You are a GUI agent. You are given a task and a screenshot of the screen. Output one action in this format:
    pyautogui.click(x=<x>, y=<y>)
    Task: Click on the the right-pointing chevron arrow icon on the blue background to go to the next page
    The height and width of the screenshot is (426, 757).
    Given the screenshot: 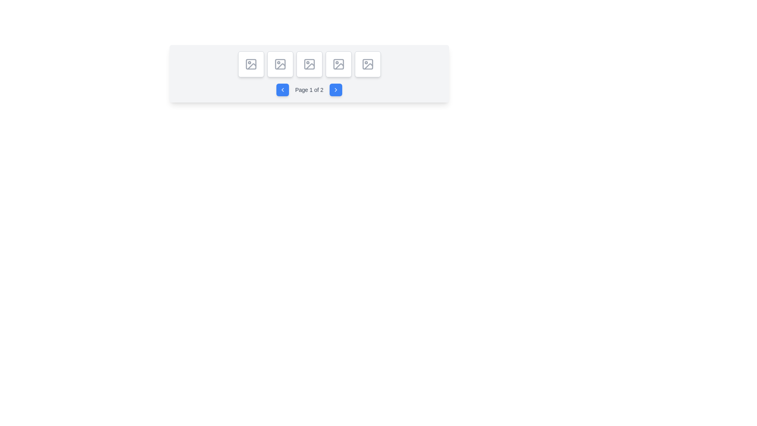 What is the action you would take?
    pyautogui.click(x=336, y=89)
    